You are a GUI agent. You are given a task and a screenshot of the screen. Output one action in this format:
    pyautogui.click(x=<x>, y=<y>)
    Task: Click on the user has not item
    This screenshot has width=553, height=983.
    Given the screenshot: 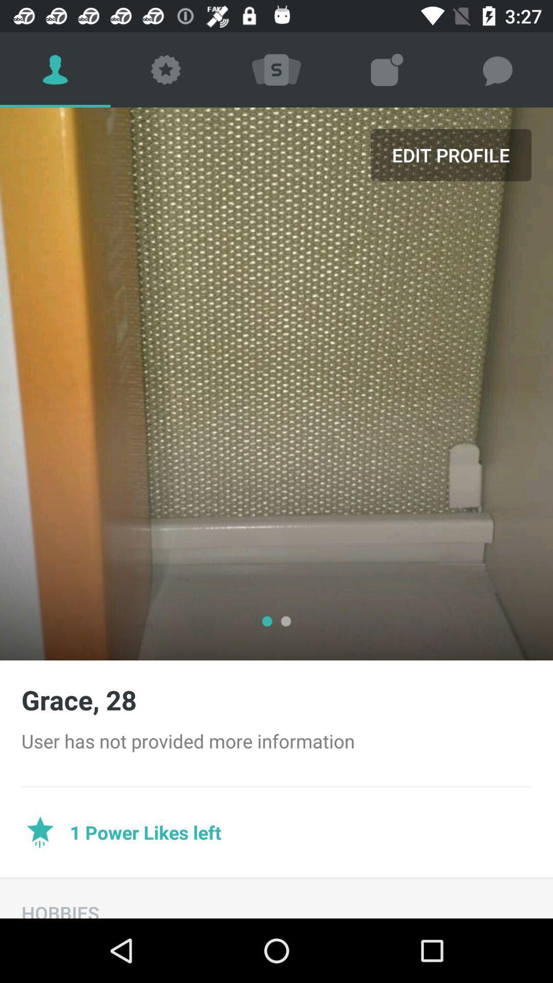 What is the action you would take?
    pyautogui.click(x=276, y=741)
    